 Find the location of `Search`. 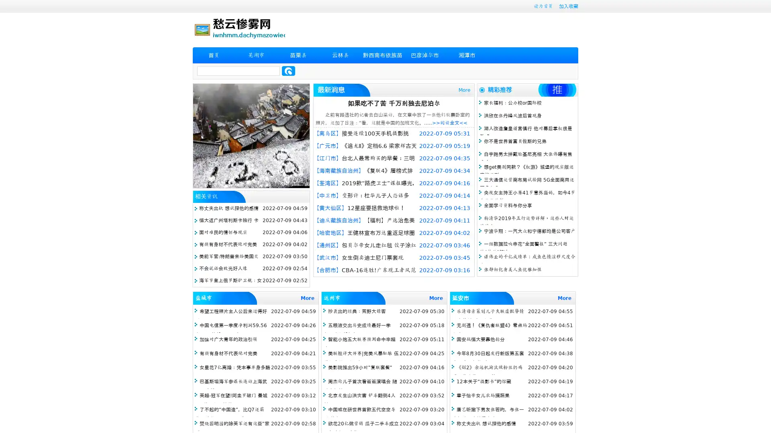

Search is located at coordinates (288, 71).